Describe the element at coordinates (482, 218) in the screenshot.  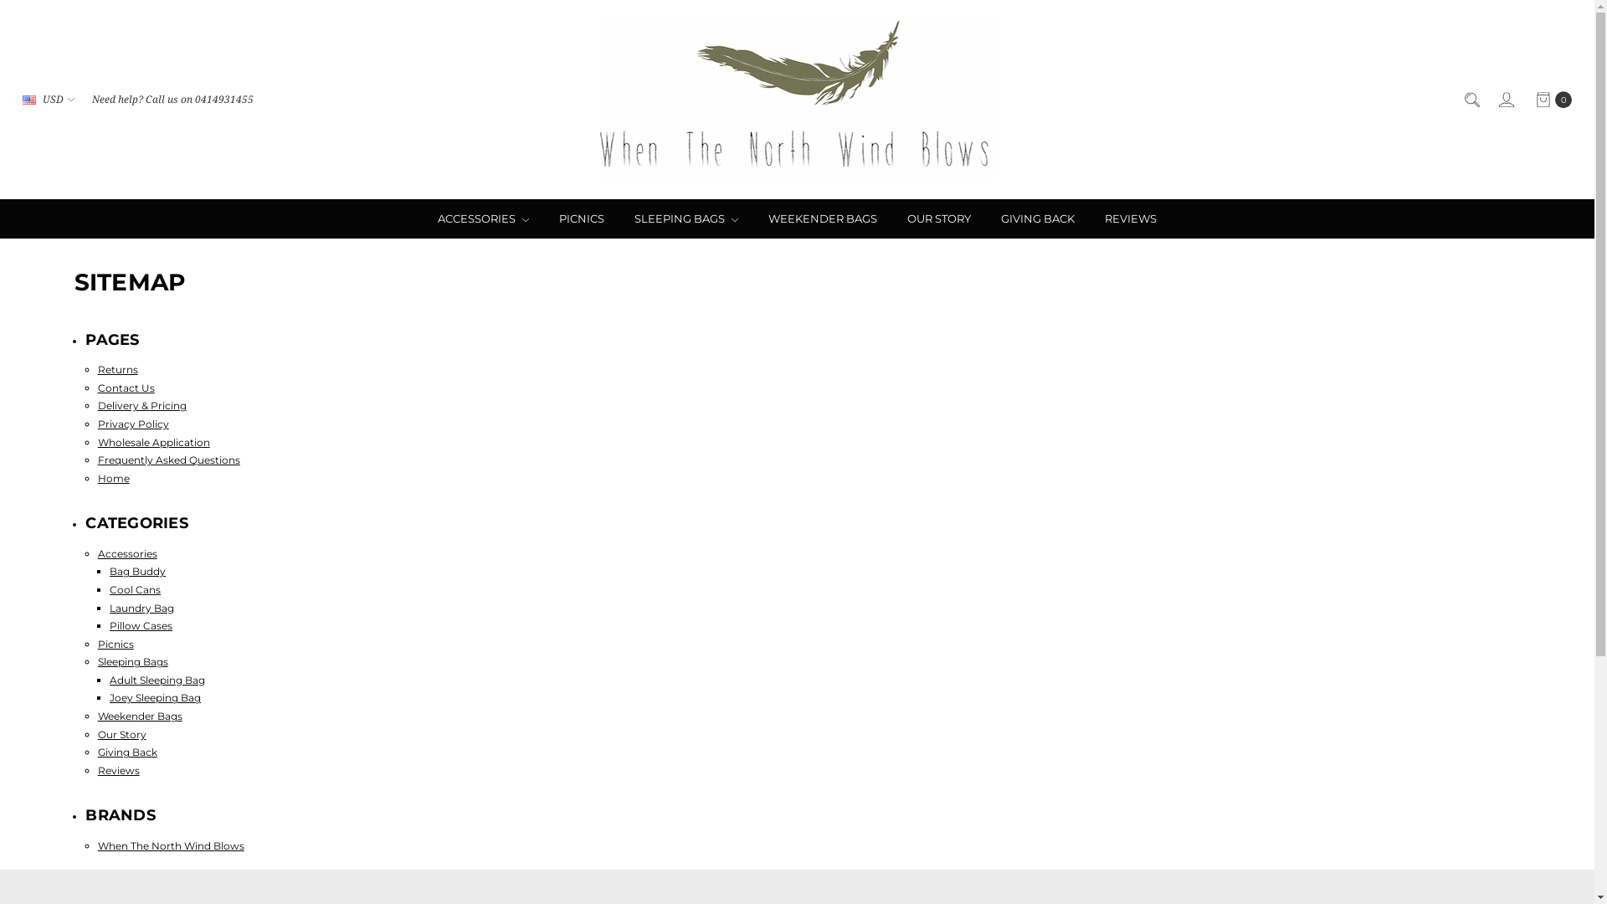
I see `'ACCESSORIES'` at that location.